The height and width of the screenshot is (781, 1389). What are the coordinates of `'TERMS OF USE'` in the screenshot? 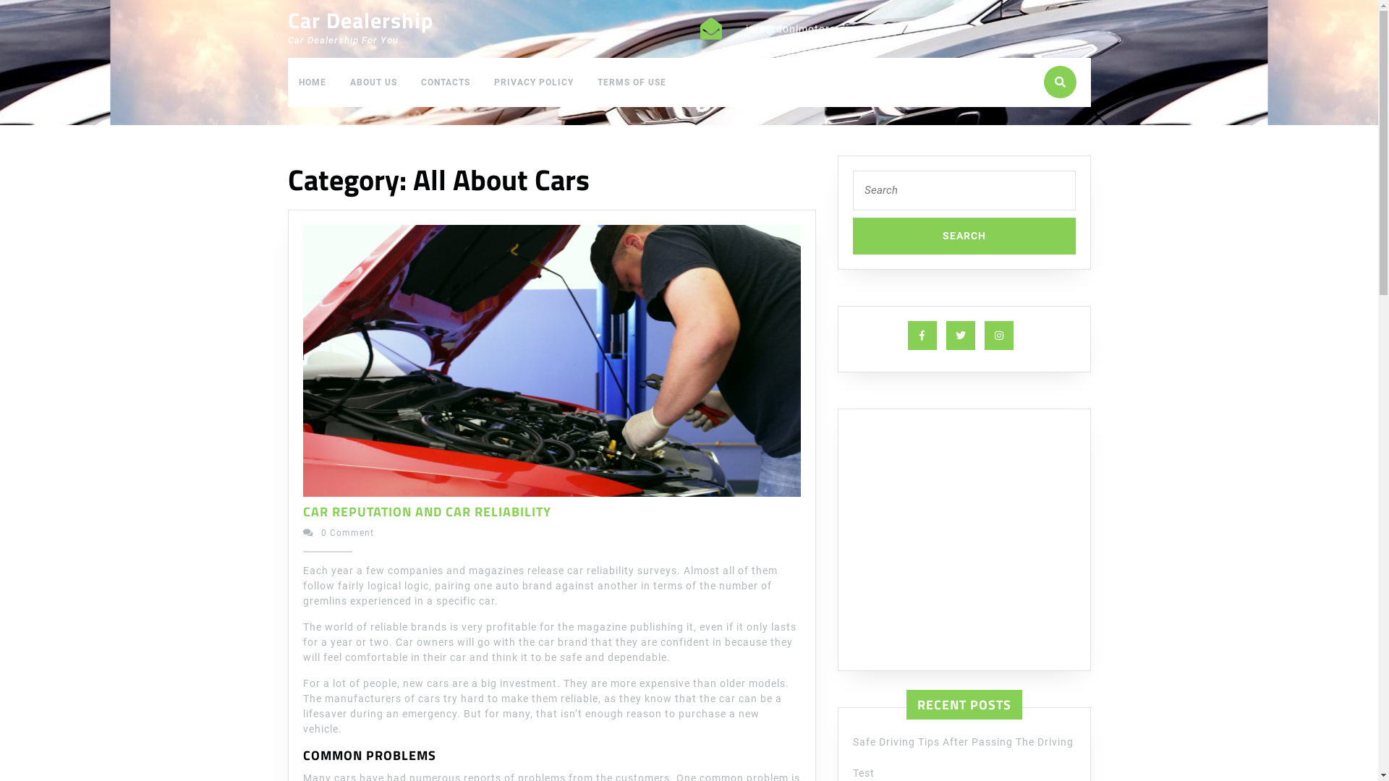 It's located at (631, 82).